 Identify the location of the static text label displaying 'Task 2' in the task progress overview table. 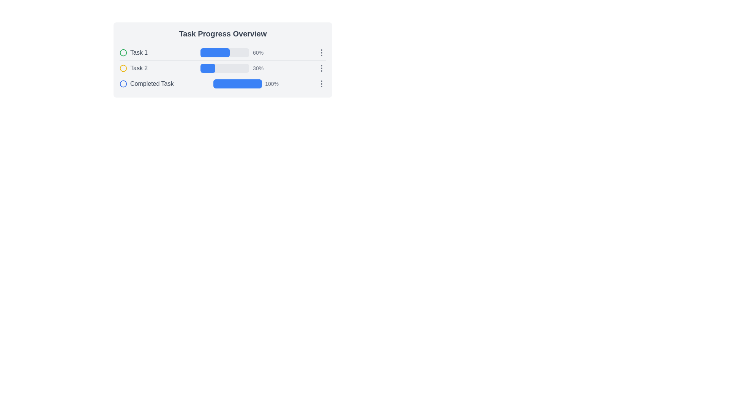
(139, 68).